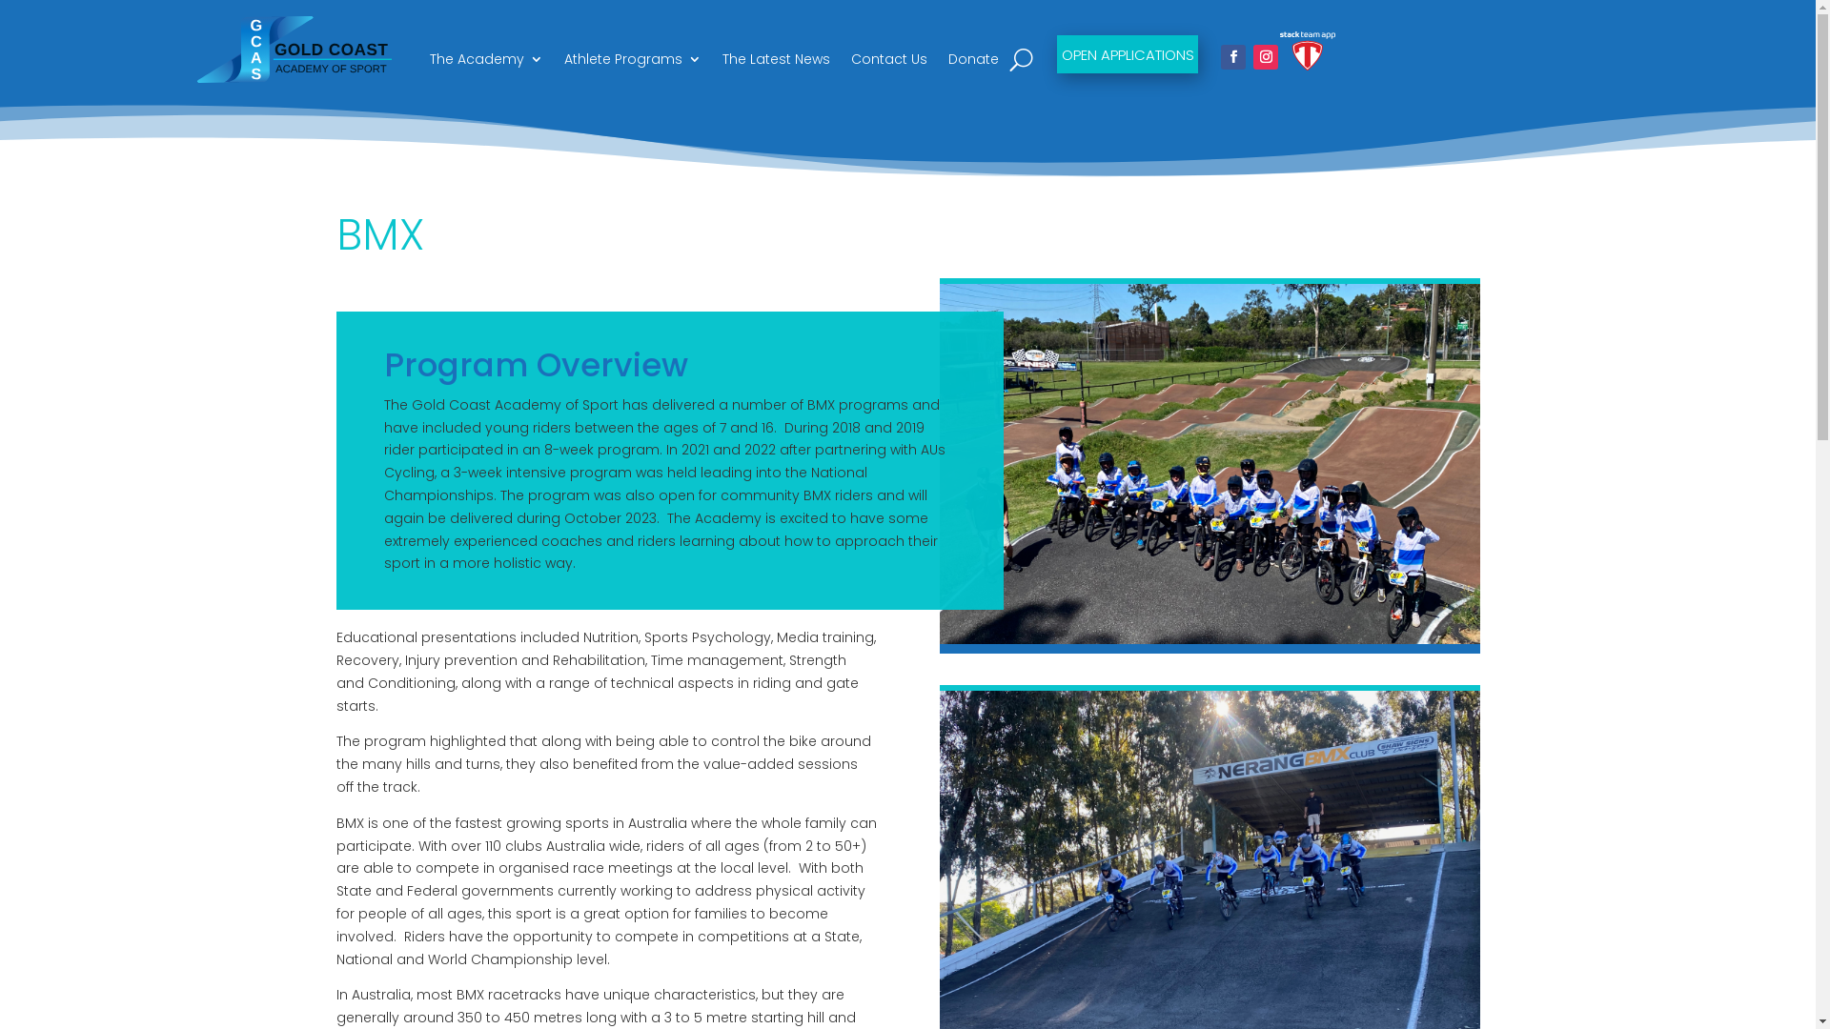 This screenshot has height=1029, width=1830. I want to click on 'Contact Us', so click(887, 61).